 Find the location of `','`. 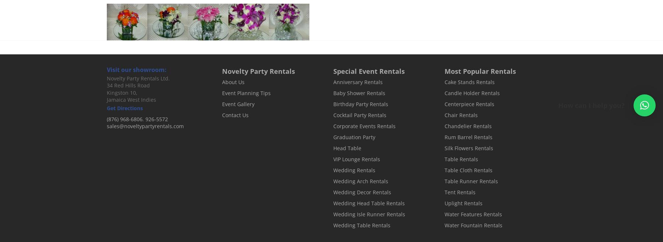

',' is located at coordinates (144, 119).